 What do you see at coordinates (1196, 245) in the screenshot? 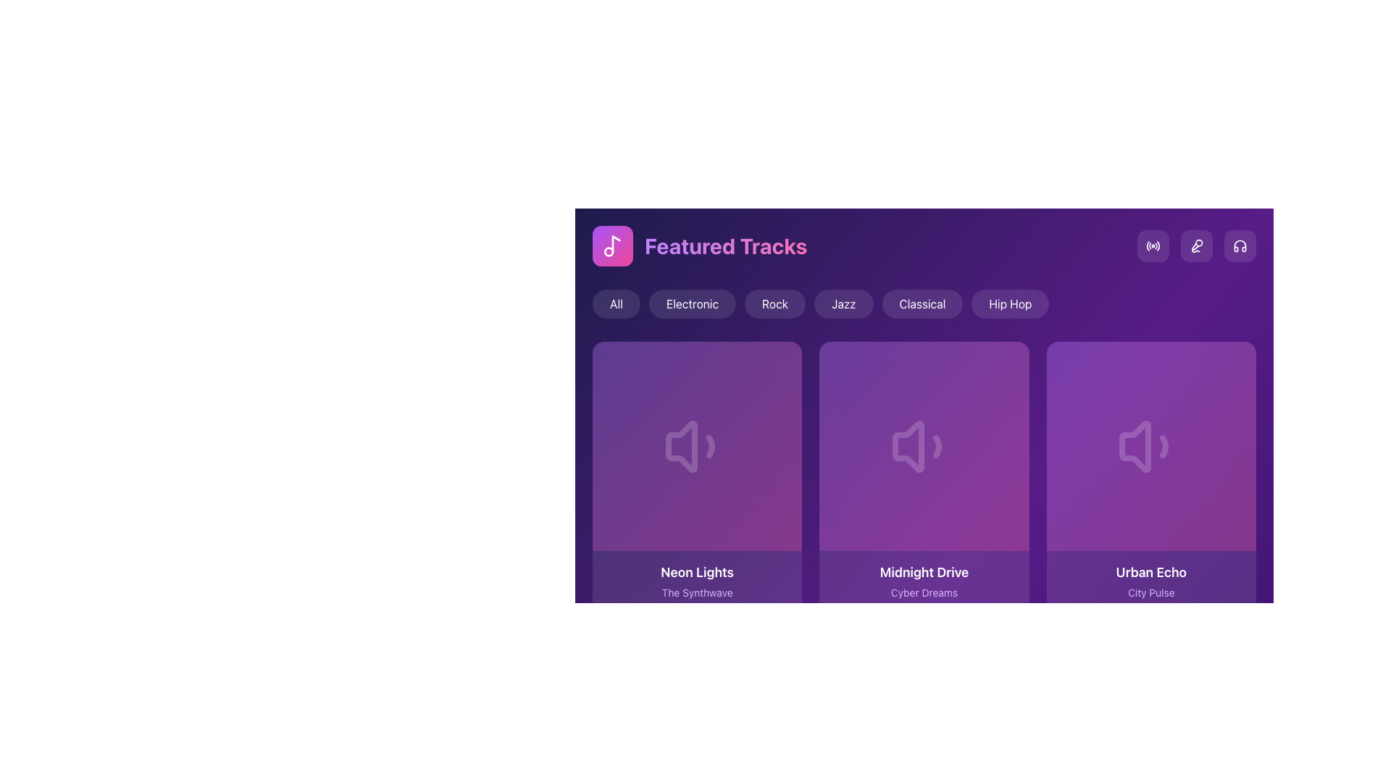
I see `the central button with a light purple background and a microphone icon` at bounding box center [1196, 245].